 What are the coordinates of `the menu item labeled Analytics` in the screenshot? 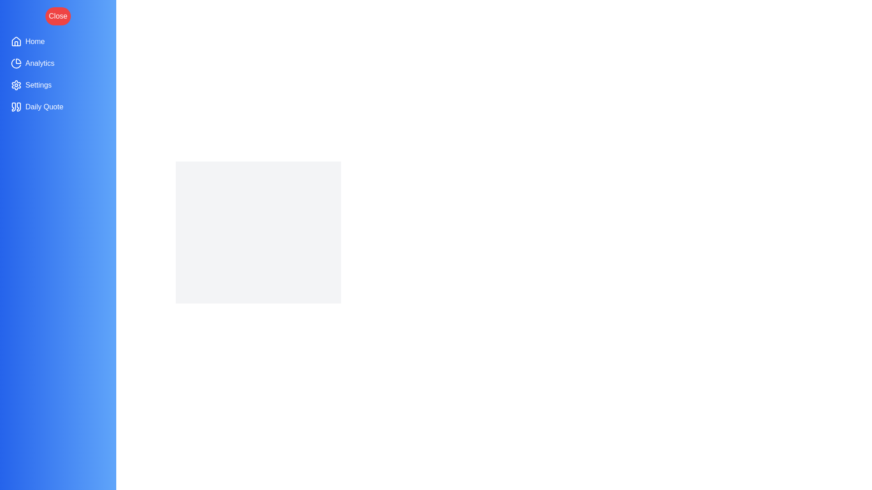 It's located at (58, 63).